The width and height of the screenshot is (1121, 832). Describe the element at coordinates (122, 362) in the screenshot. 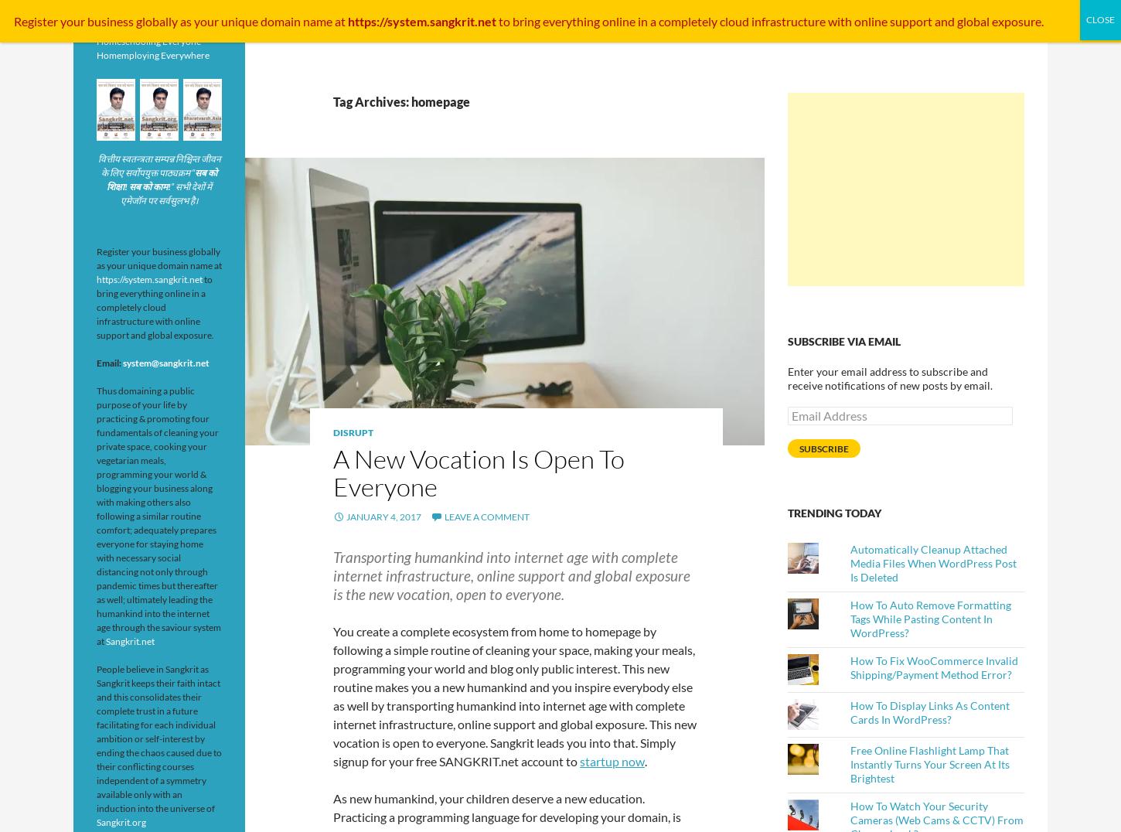

I see `'system@sangkrit.net'` at that location.